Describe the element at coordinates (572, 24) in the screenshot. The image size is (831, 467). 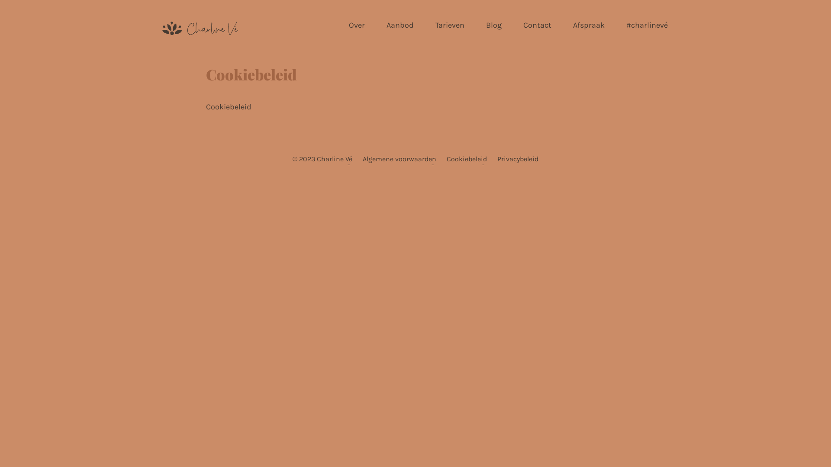
I see `'Afspraak'` at that location.